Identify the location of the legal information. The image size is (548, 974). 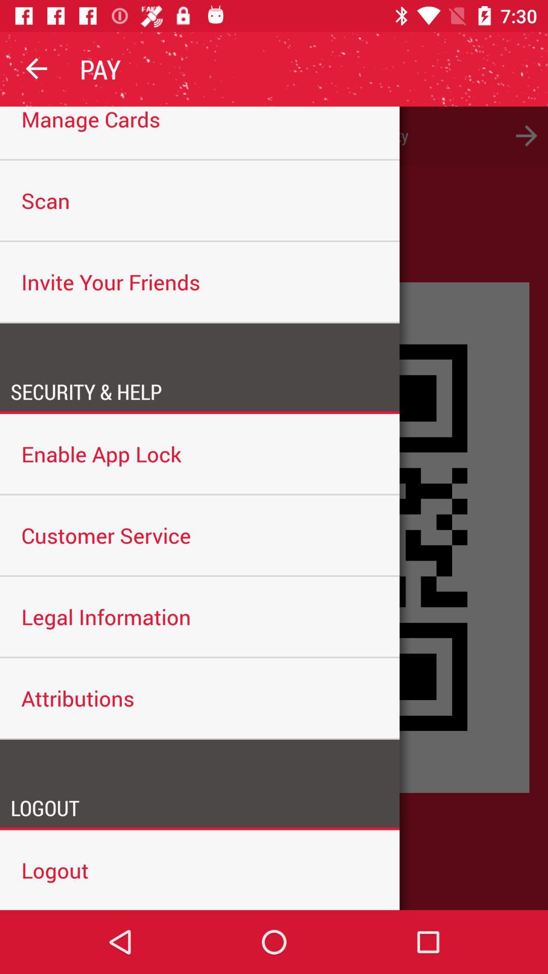
(199, 616).